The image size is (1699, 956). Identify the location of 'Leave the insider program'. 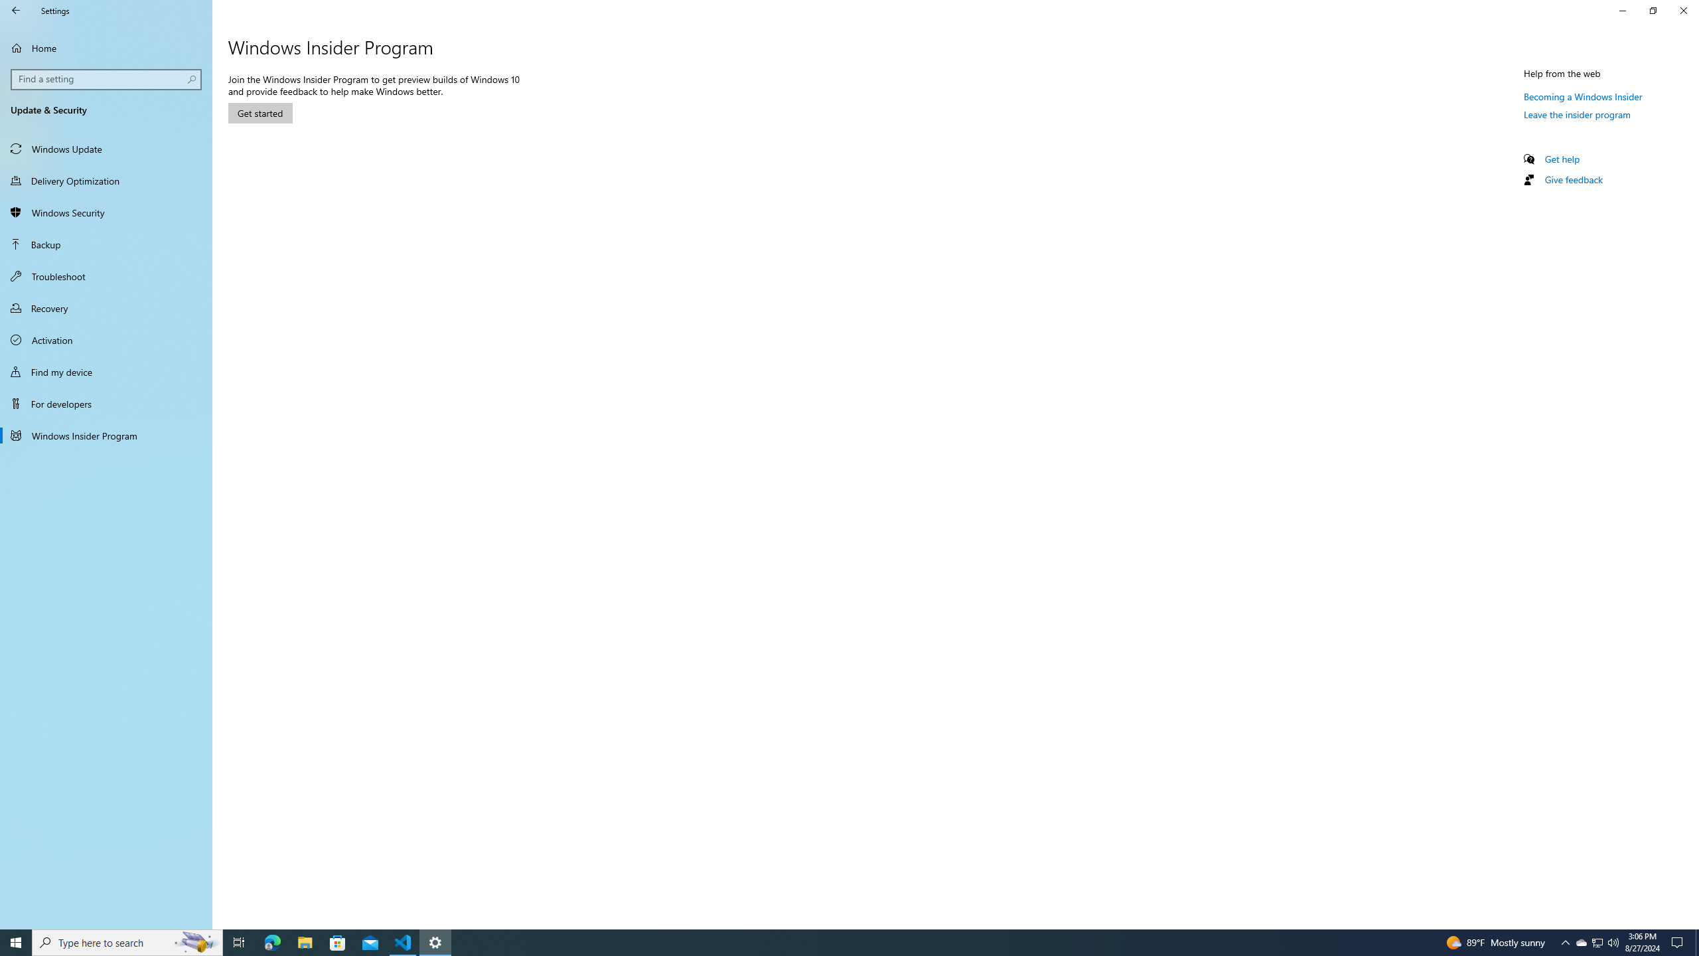
(1577, 114).